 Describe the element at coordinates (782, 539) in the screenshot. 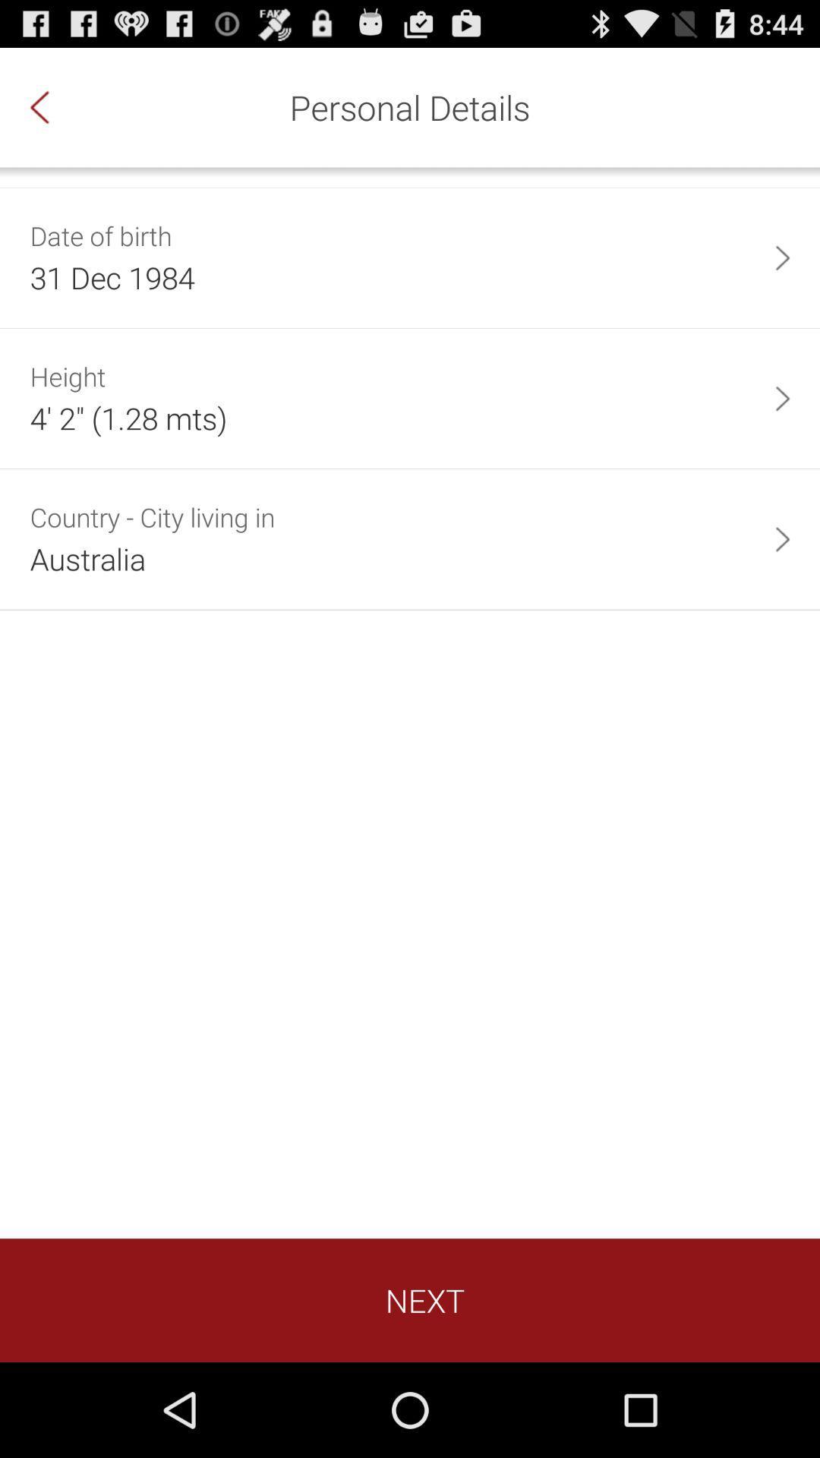

I see `item on the right` at that location.